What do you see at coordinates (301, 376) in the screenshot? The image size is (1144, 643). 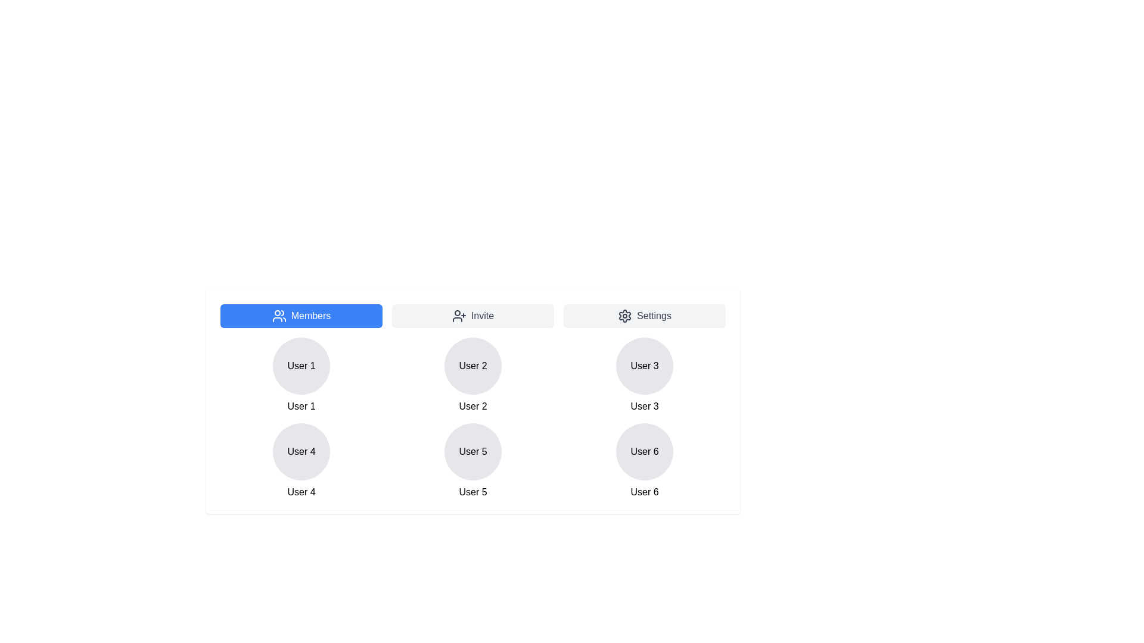 I see `the Informational Icon labeled 'User 1' which is a circular gray icon located in the first column of the grid layout, below the 'Members' tab` at bounding box center [301, 376].